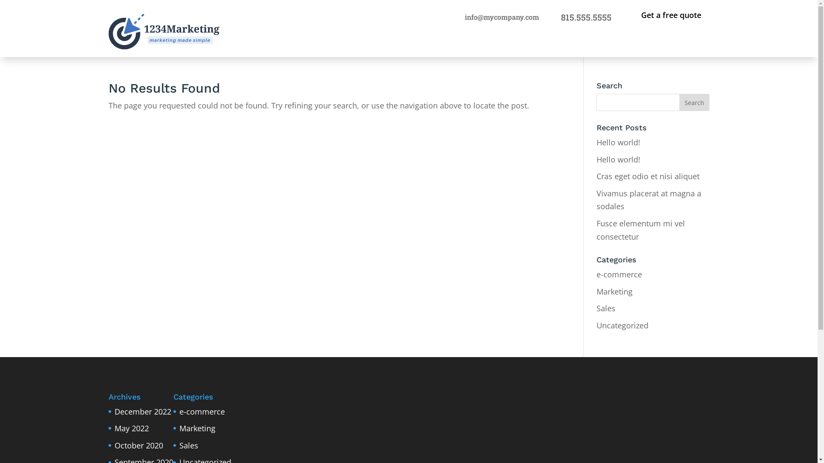 The height and width of the screenshot is (463, 824). I want to click on 'Hello world!', so click(618, 141).